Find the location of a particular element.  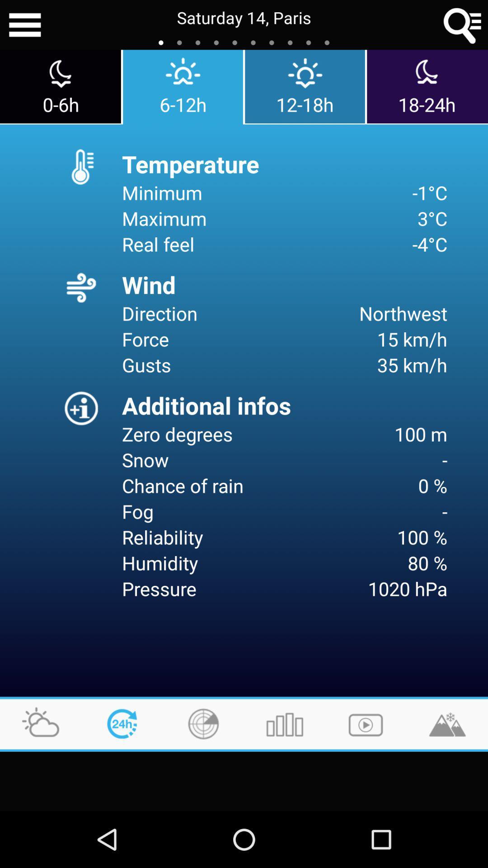

icon next to the saturday 14, paris app is located at coordinates (24, 25).